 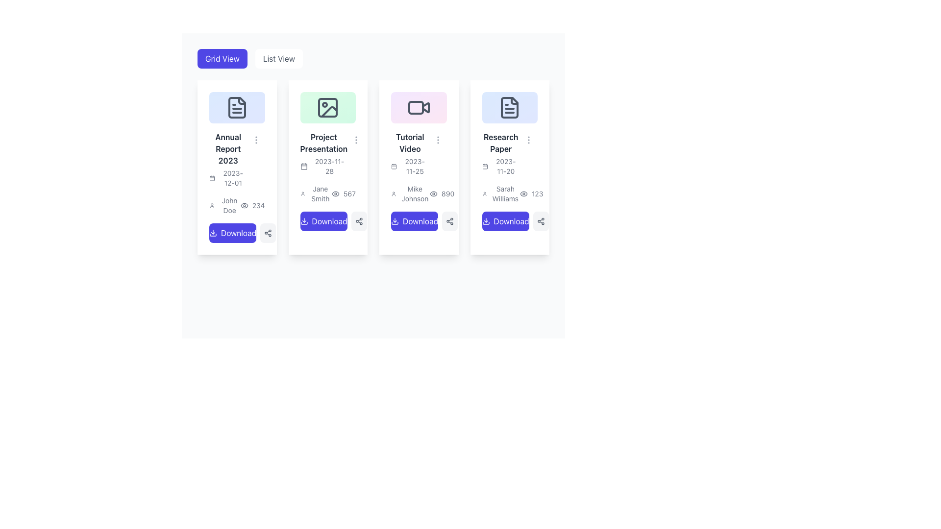 What do you see at coordinates (511, 221) in the screenshot?
I see `the 'Download' button associated with the 'Research Paper' card, which is the fourth button in a row` at bounding box center [511, 221].